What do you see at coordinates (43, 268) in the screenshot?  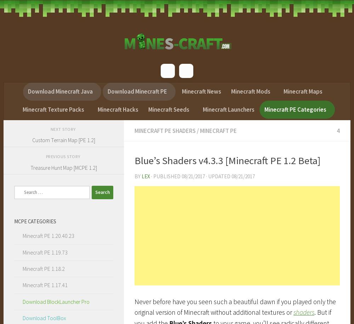 I see `'Minecraft PE 1.18.2'` at bounding box center [43, 268].